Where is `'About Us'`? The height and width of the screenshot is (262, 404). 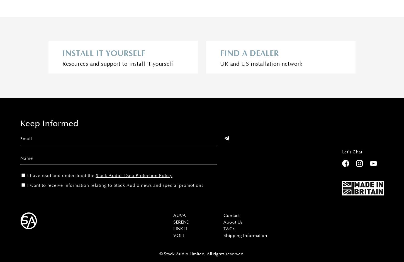 'About Us' is located at coordinates (233, 222).